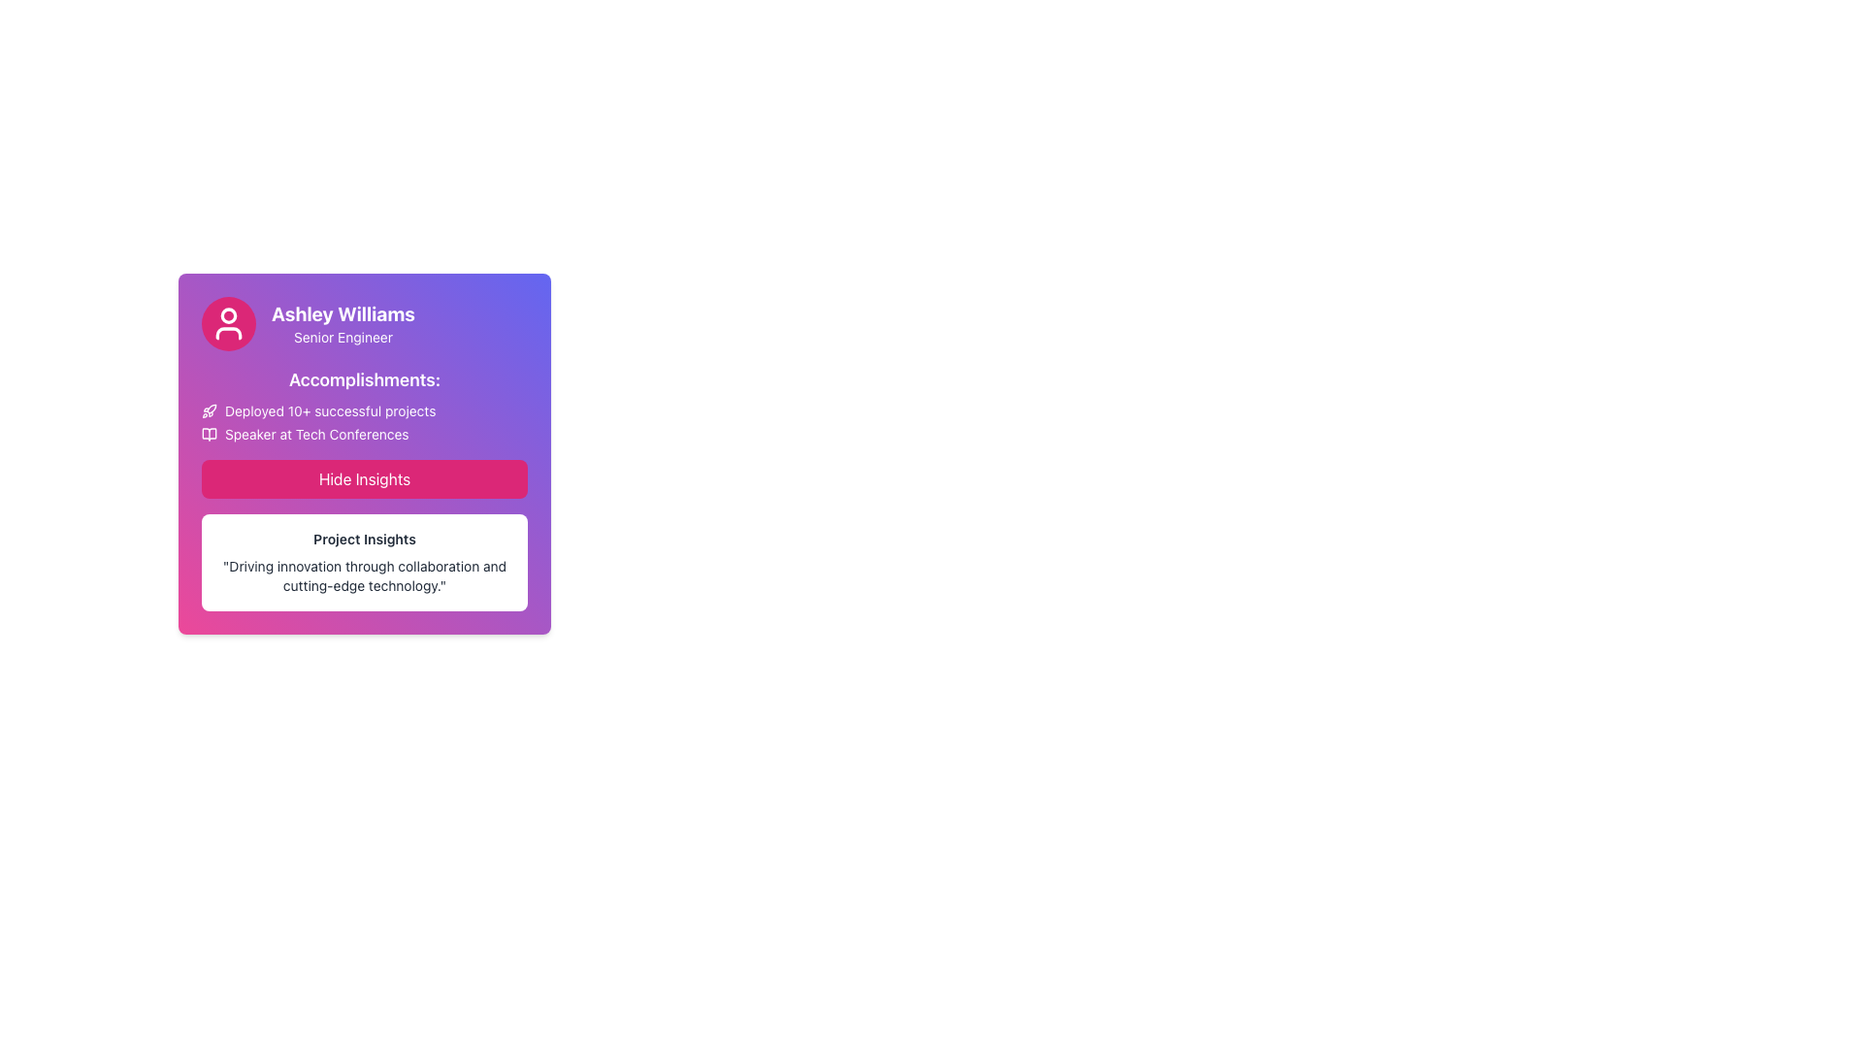 The height and width of the screenshot is (1048, 1863). I want to click on the second accomplishment entry in the profile card that lists an individual's professional achievements, located directly below 'Deployed 10+ successful projects', so click(364, 433).